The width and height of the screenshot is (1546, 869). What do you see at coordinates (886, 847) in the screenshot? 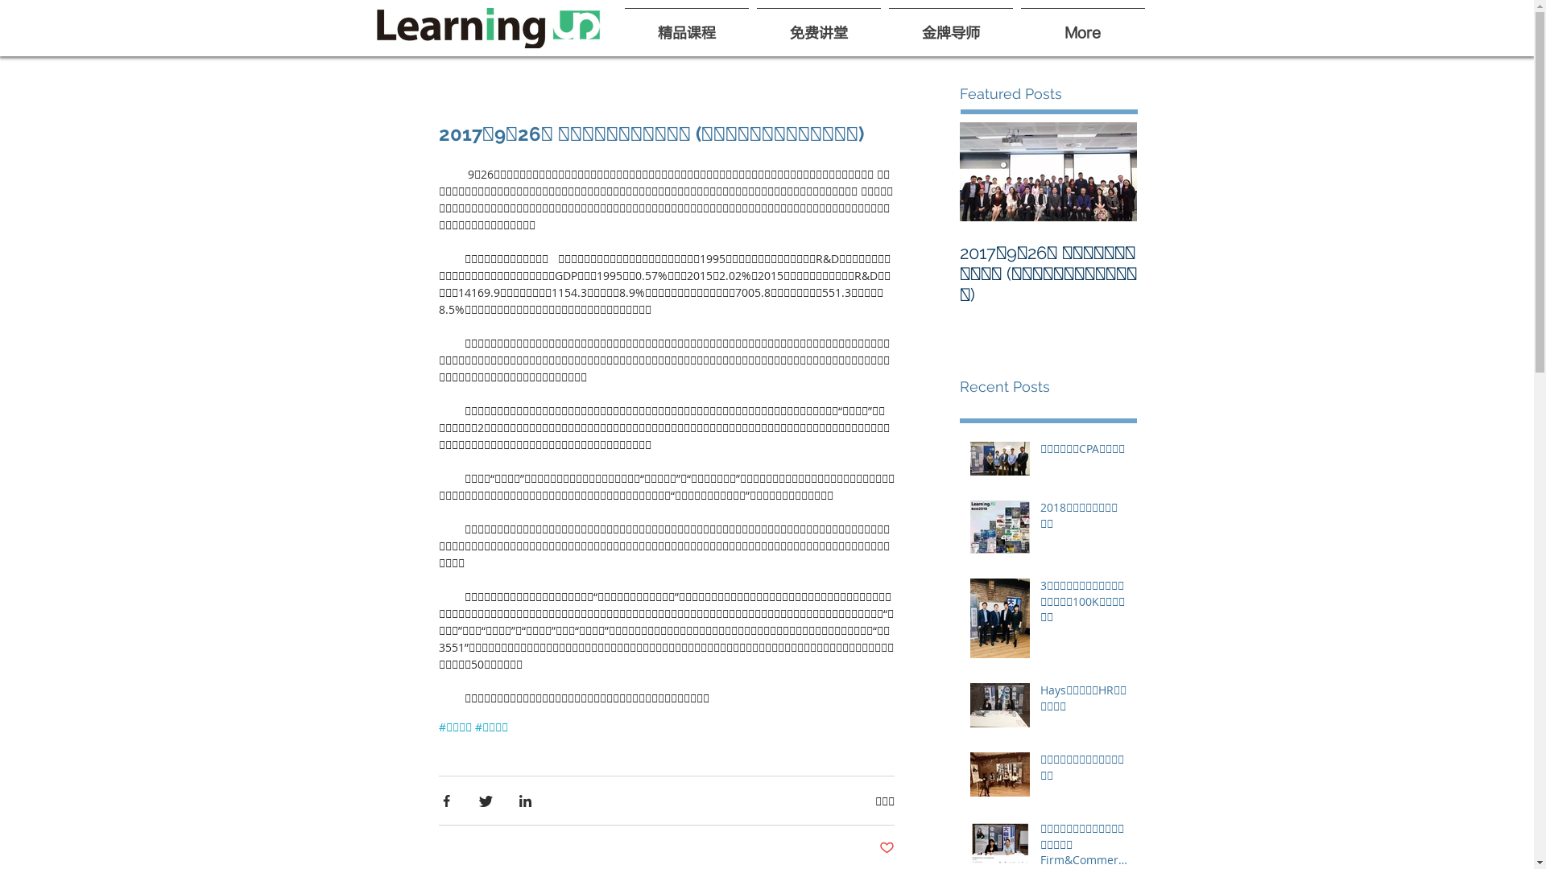
I see `'Post not marked as liked'` at bounding box center [886, 847].